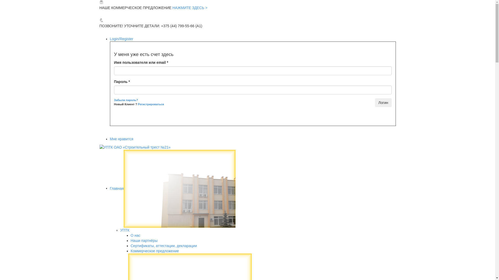 Image resolution: width=499 pixels, height=280 pixels. I want to click on 'Login/Register', so click(109, 39).